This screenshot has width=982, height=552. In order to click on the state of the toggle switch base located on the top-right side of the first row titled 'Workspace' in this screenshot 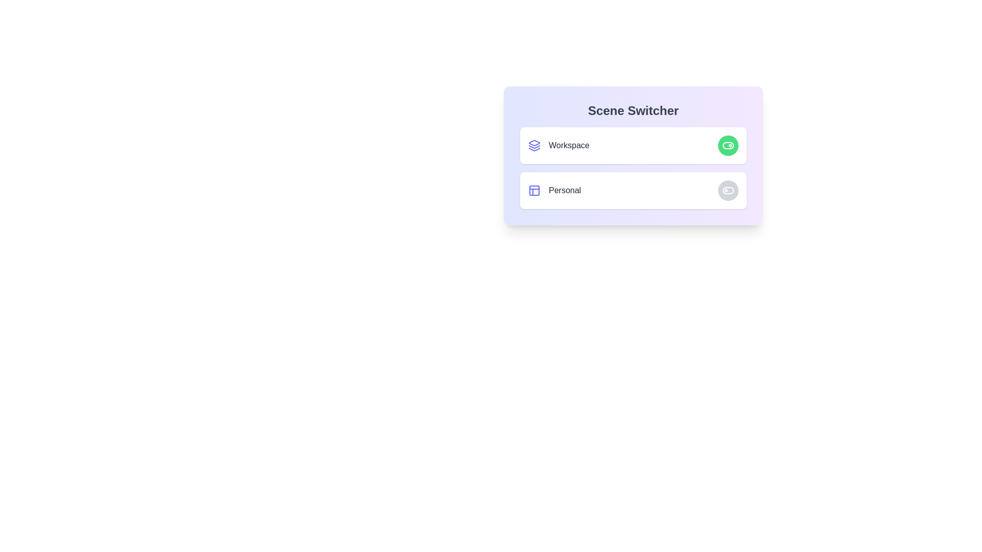, I will do `click(728, 146)`.